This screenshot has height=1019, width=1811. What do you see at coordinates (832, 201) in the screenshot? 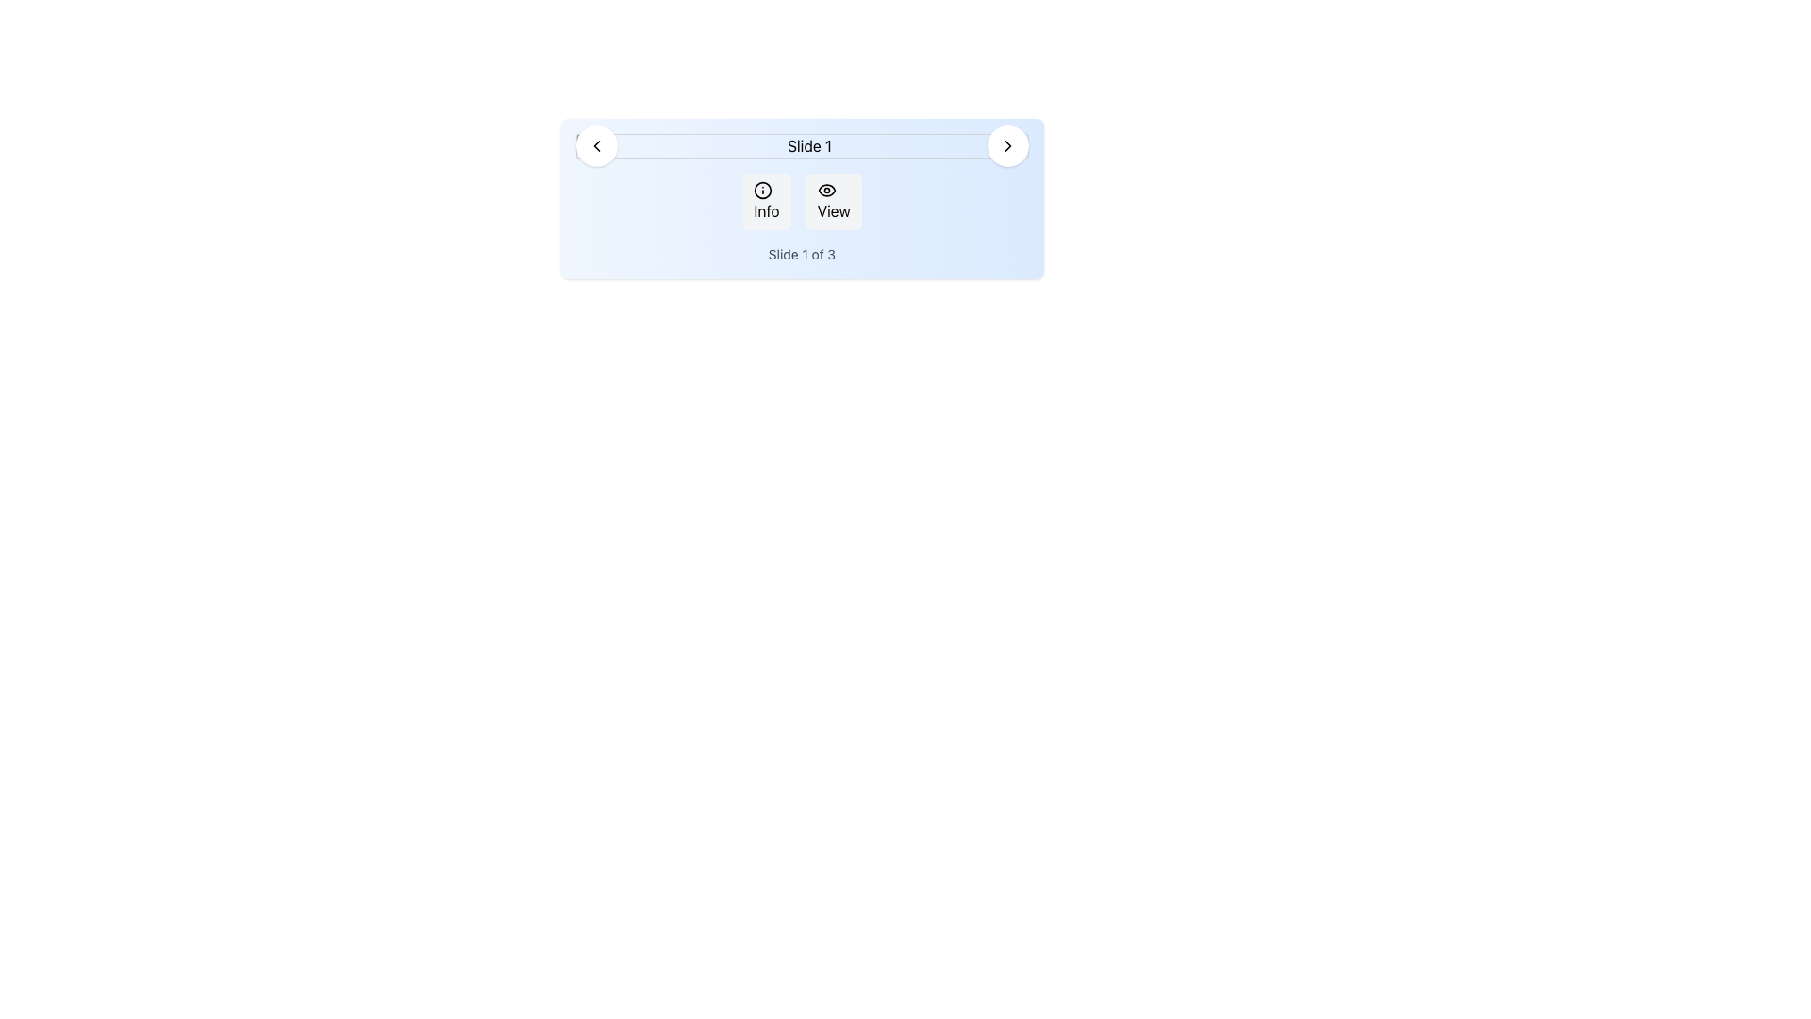
I see `the 'View' button, which has a soft gray background, rounded corners, and contains an eye icon followed by the text 'View'. It is the second button in a horizontal layout next to the 'Info' button` at bounding box center [832, 201].